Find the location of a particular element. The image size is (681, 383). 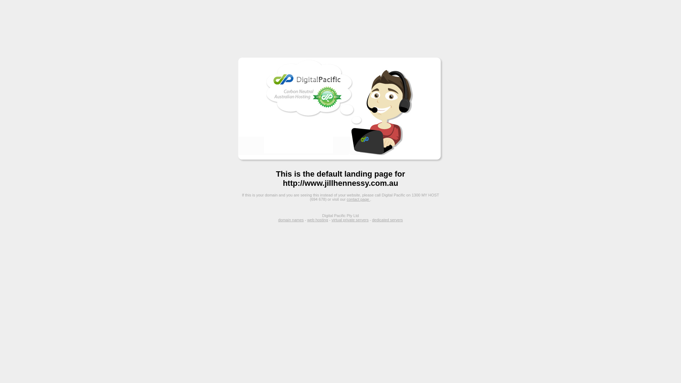

'web hosting' is located at coordinates (307, 220).